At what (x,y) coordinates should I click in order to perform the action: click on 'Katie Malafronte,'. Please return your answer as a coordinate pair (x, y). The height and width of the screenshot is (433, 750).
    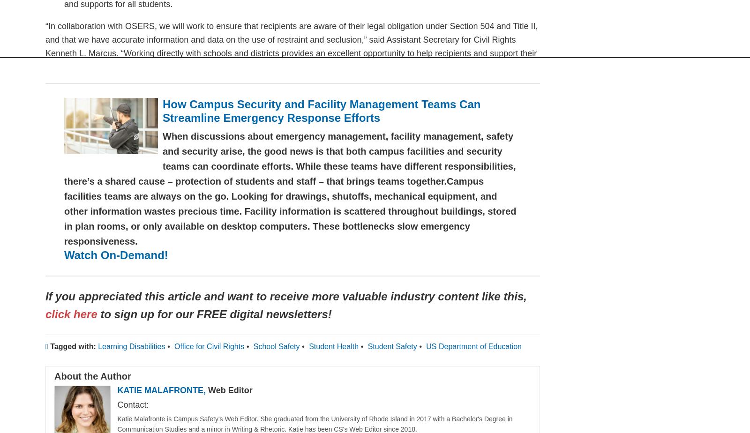
    Looking at the image, I should click on (163, 390).